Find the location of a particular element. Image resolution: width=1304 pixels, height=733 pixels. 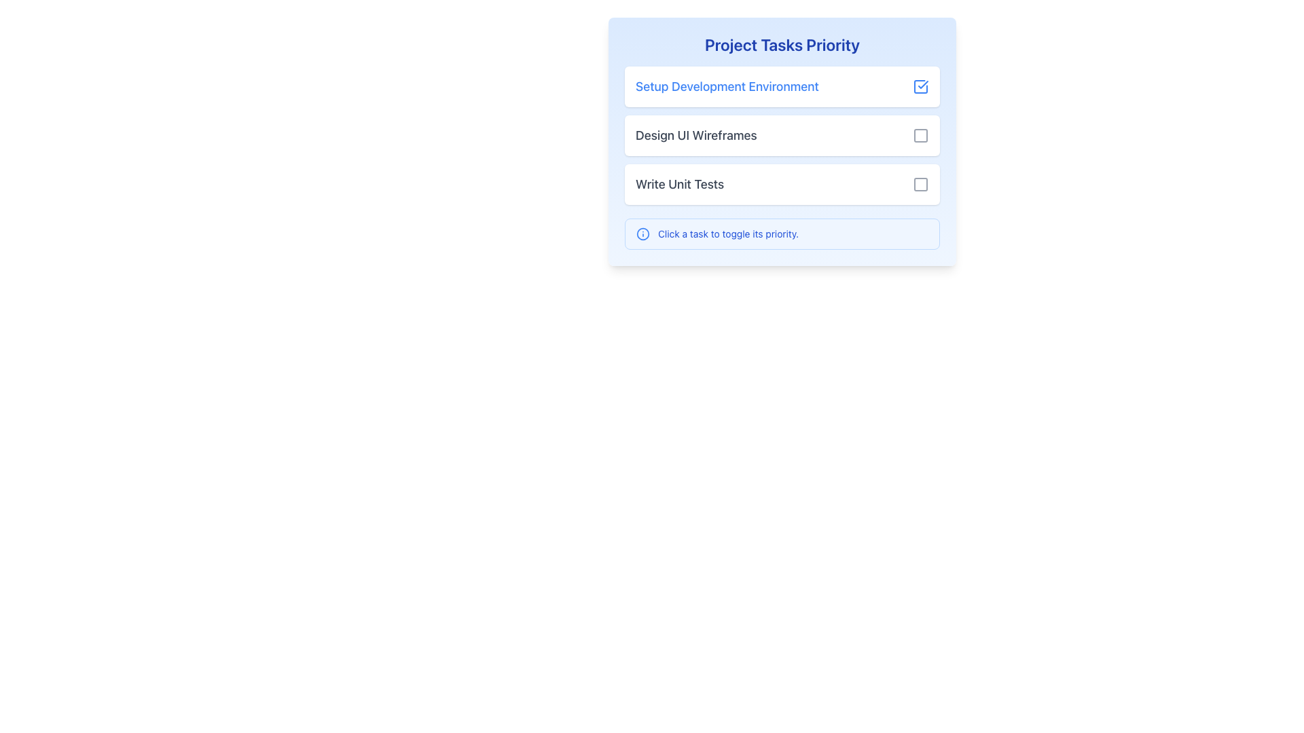

the small square-shaped clickable icon next to the task labeled 'Write Unit Tests' in the task list is located at coordinates (921, 185).